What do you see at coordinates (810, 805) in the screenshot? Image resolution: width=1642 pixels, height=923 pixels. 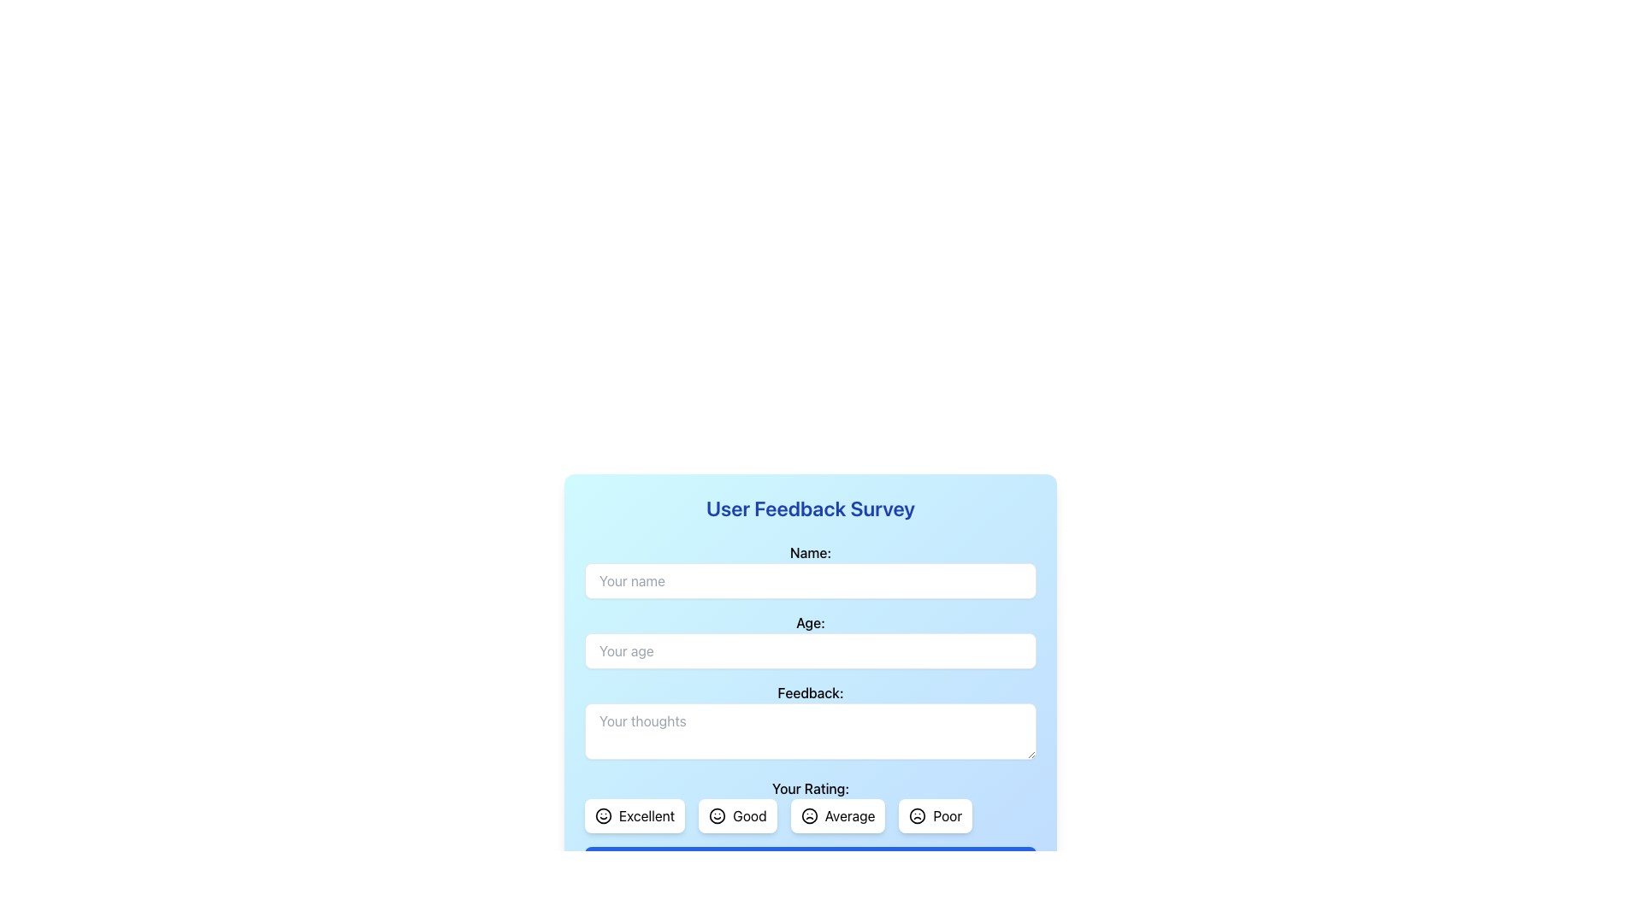 I see `the third button labeled 'Average' under the 'Your Rating:' label in the 'User Feedback Survey' form` at bounding box center [810, 805].